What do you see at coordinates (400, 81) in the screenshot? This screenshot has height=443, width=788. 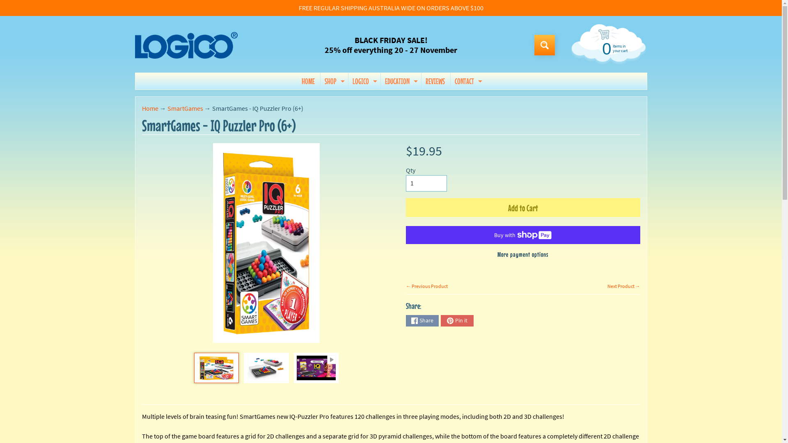 I see `'EDUCATION` at bounding box center [400, 81].